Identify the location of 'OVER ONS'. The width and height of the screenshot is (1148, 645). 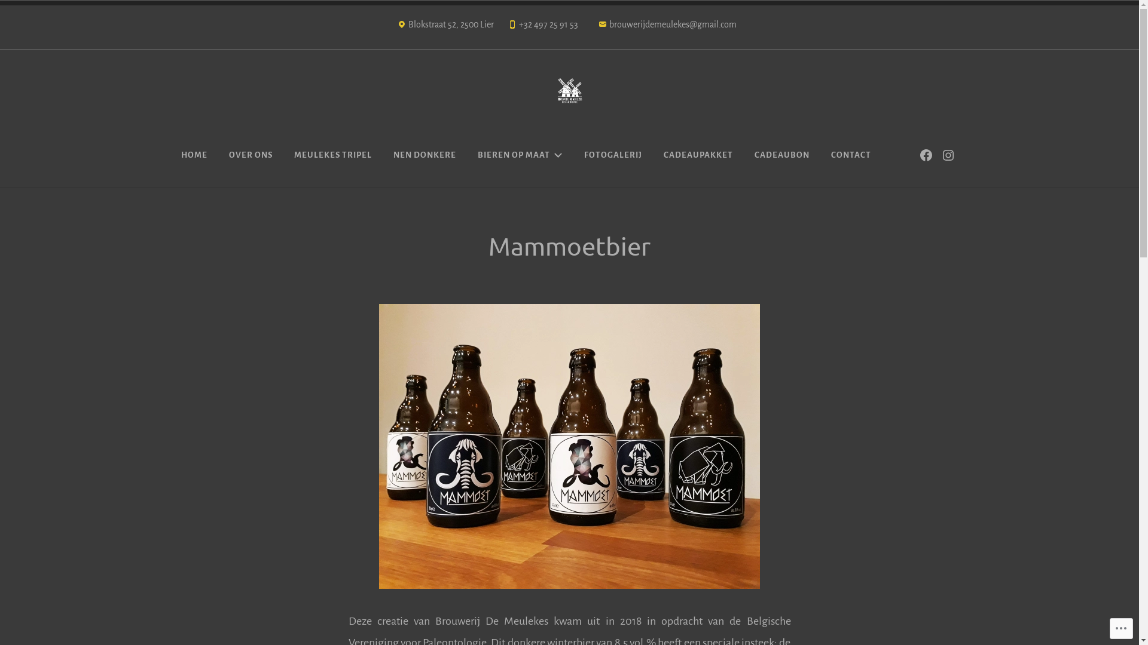
(250, 154).